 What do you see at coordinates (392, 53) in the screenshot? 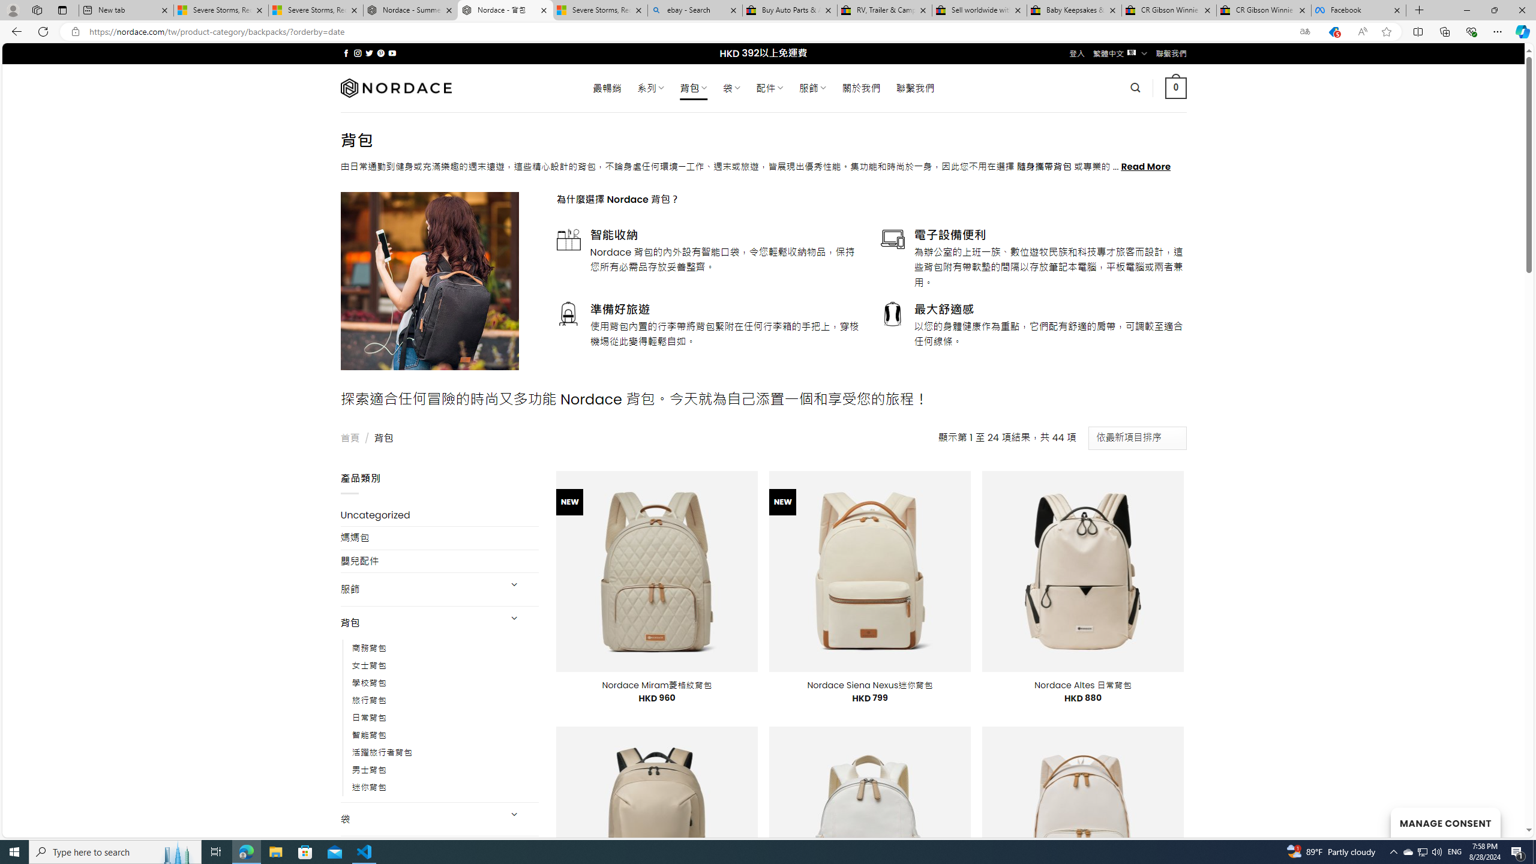
I see `'Follow on YouTube'` at bounding box center [392, 53].